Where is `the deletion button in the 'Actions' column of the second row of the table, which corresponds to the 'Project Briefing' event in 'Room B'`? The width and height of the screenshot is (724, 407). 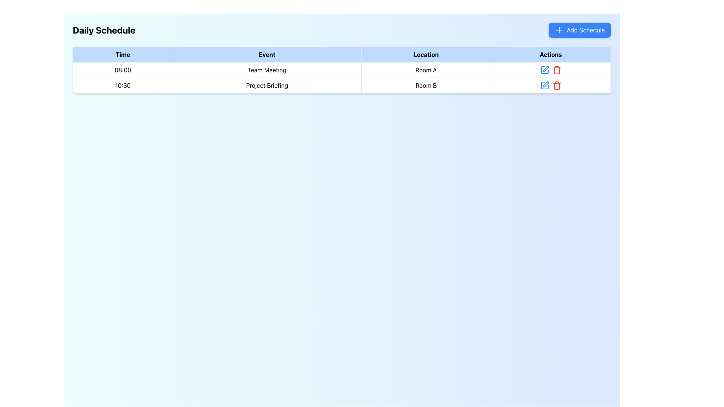 the deletion button in the 'Actions' column of the second row of the table, which corresponds to the 'Project Briefing' event in 'Room B' is located at coordinates (557, 85).